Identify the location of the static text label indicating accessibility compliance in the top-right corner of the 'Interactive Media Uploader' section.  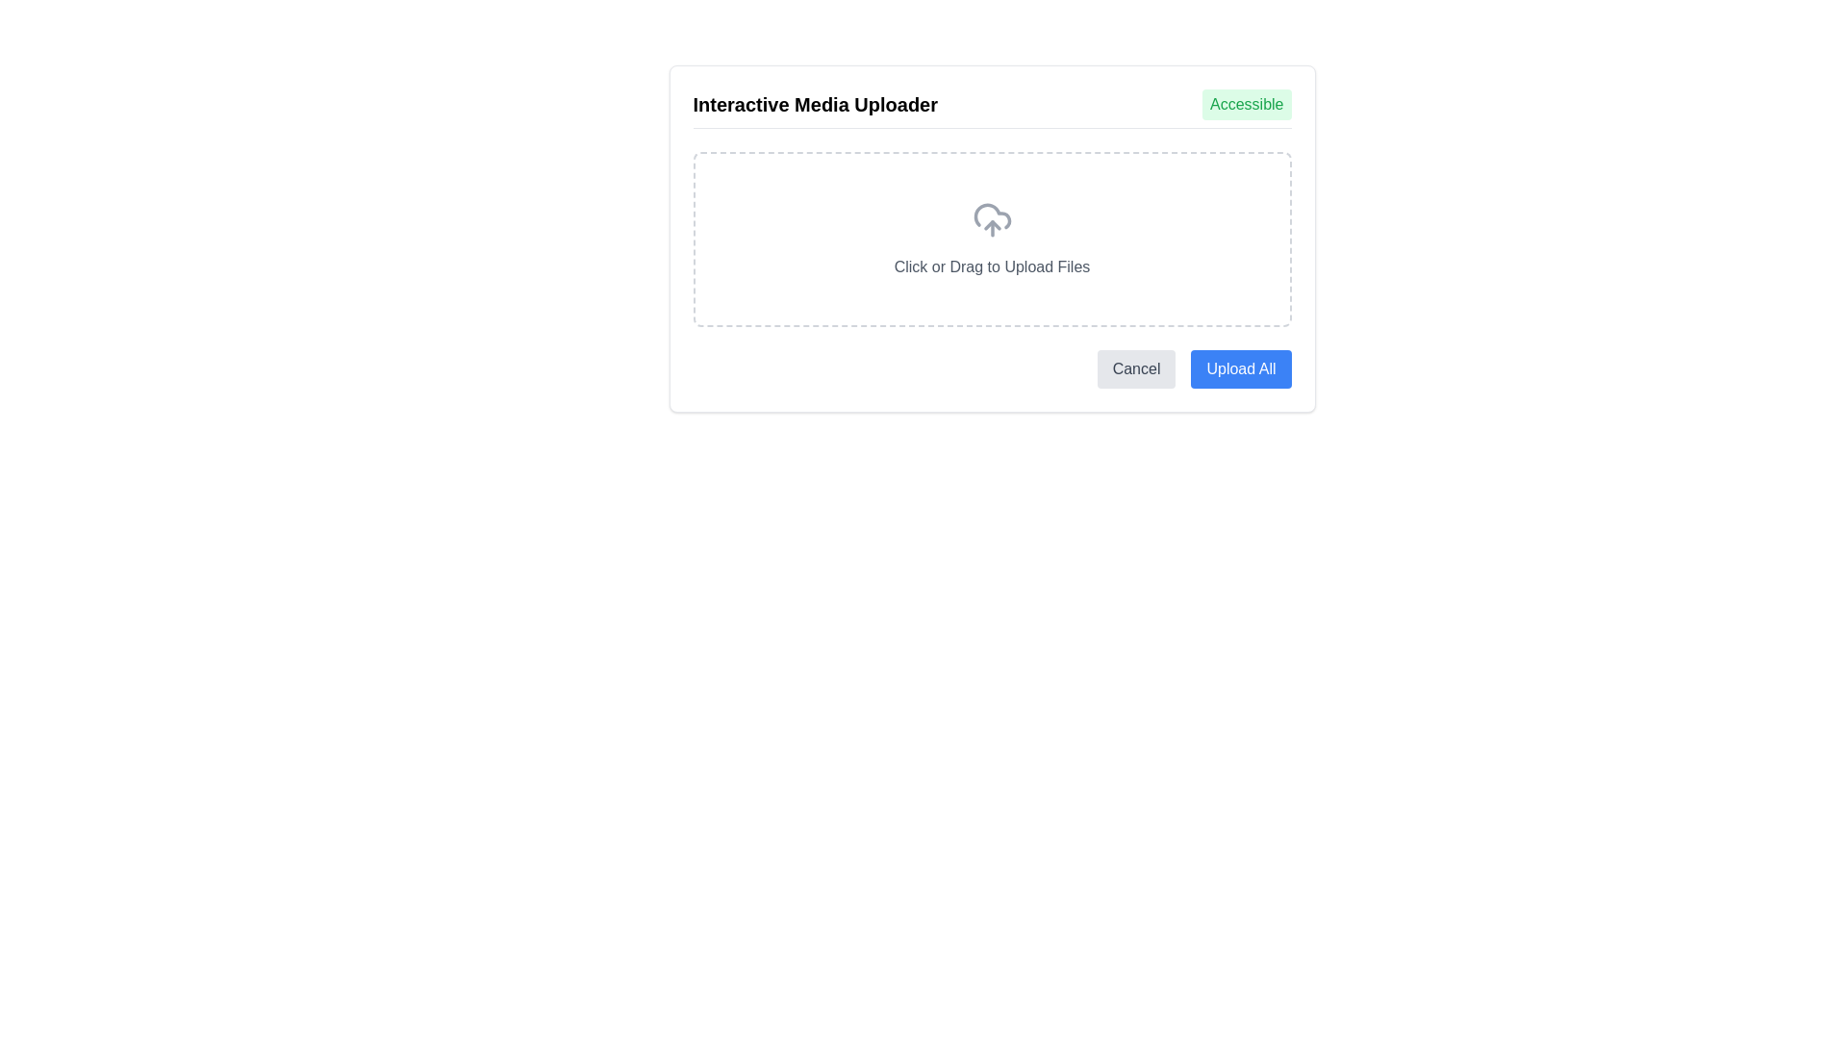
(1247, 104).